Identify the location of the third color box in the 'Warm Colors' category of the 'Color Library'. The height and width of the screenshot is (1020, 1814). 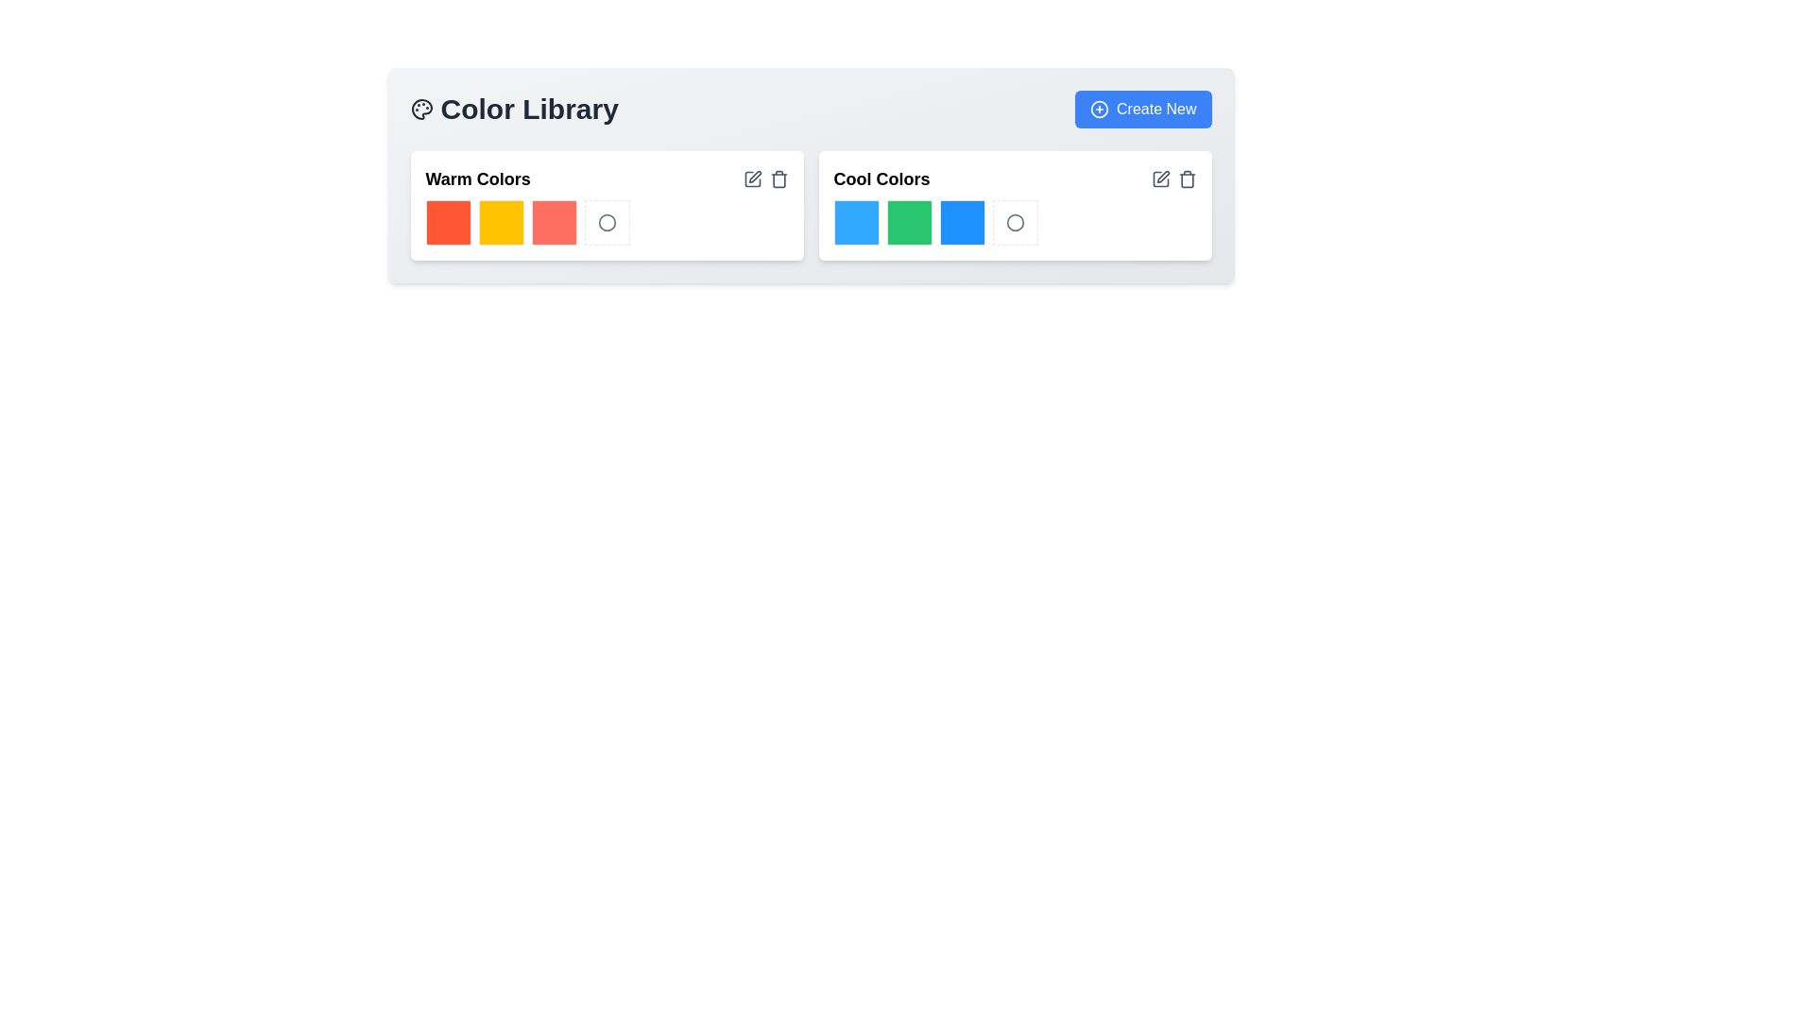
(553, 221).